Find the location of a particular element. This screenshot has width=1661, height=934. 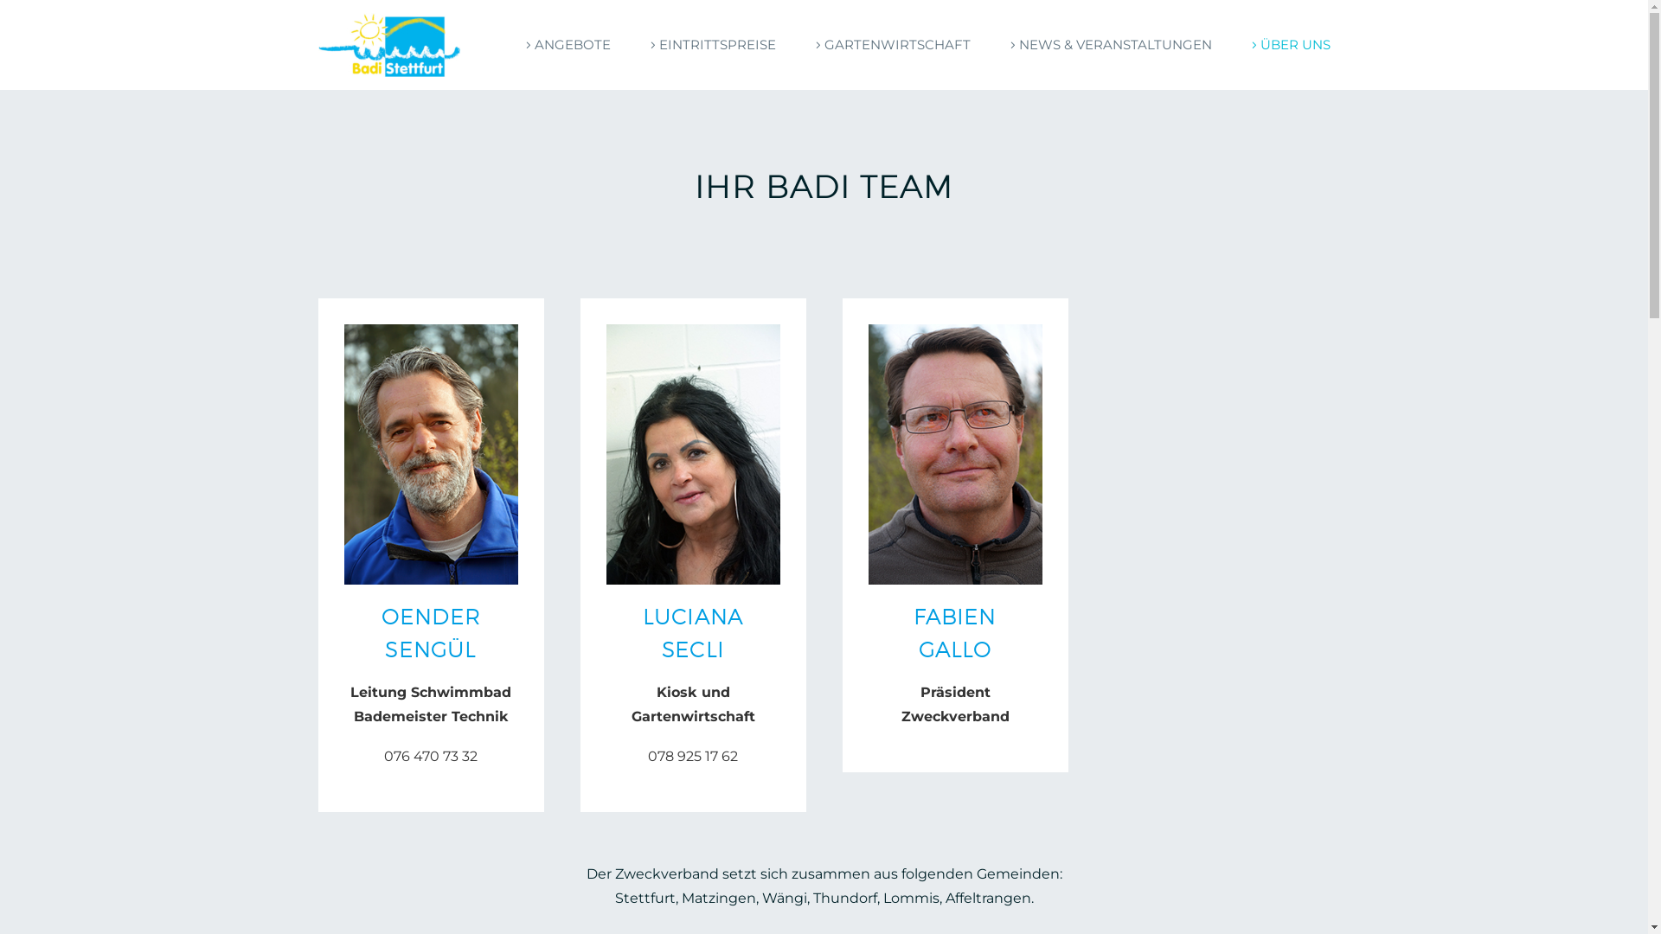

'ANGEBOTE' is located at coordinates (565, 43).